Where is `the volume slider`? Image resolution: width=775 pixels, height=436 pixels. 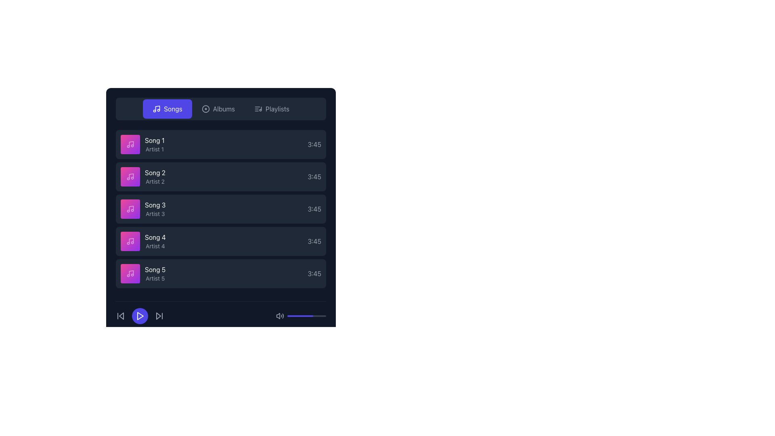 the volume slider is located at coordinates (300, 316).